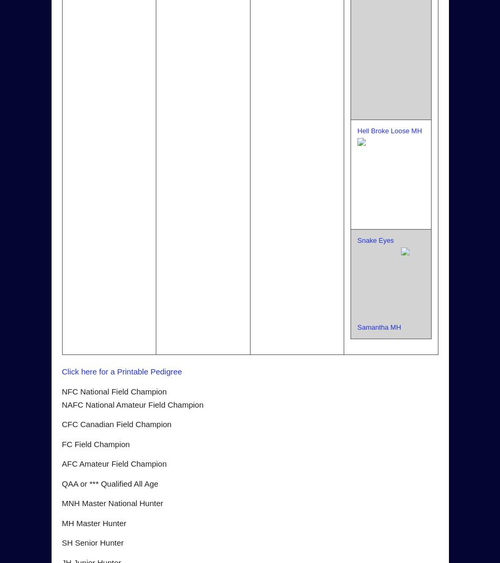  I want to click on 'MNH Master National Hunter', so click(62, 502).